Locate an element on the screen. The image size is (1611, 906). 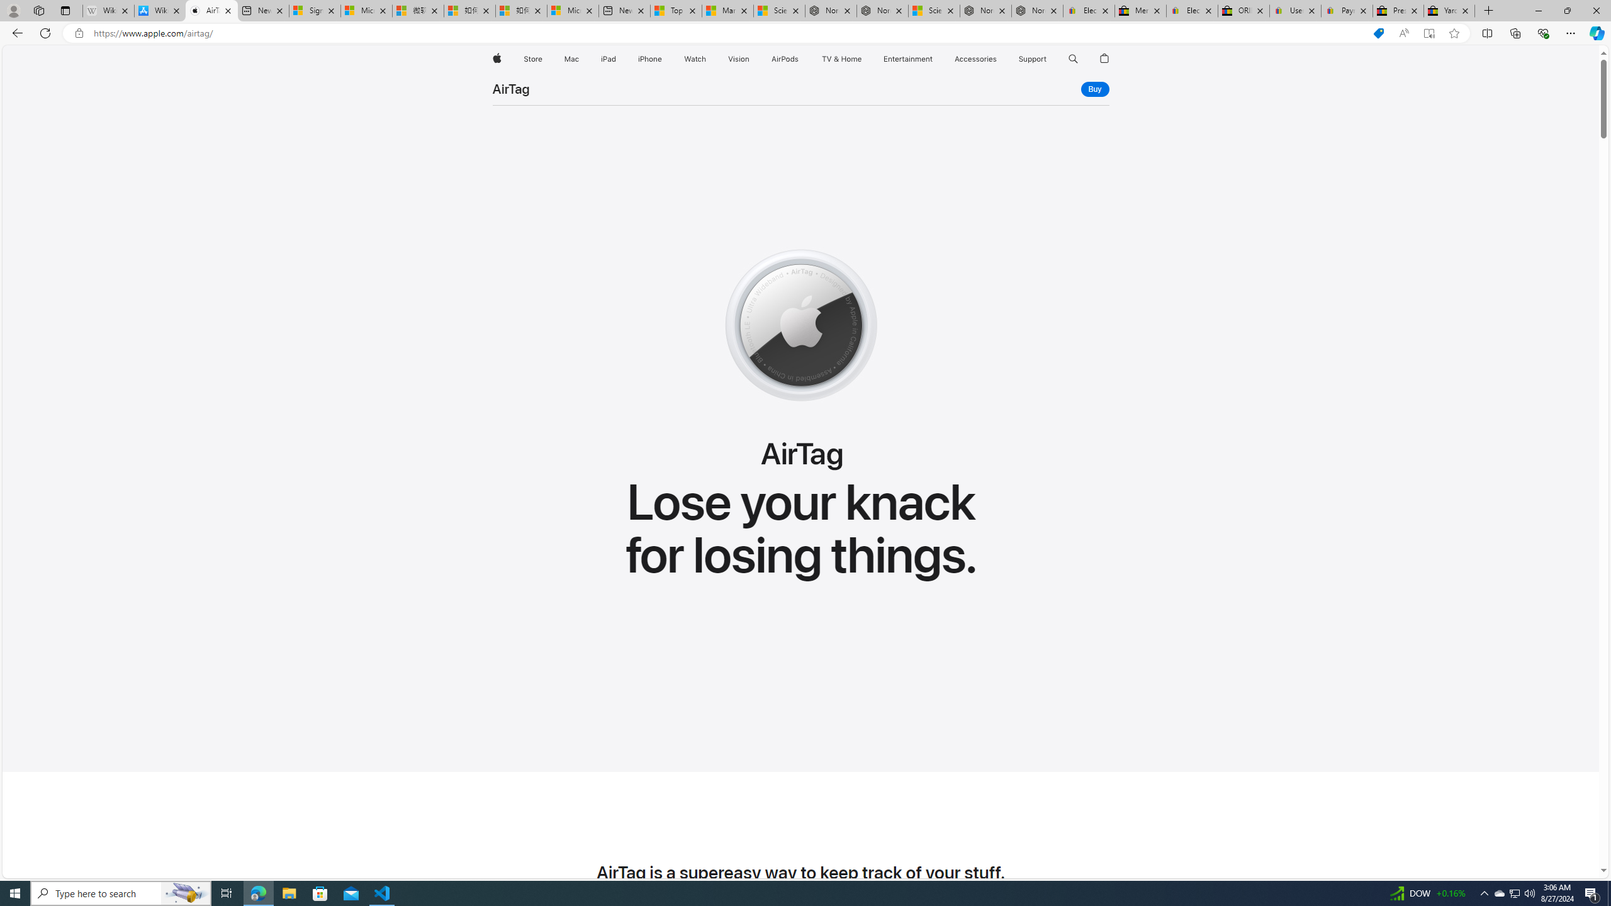
'Vision' is located at coordinates (739, 59).